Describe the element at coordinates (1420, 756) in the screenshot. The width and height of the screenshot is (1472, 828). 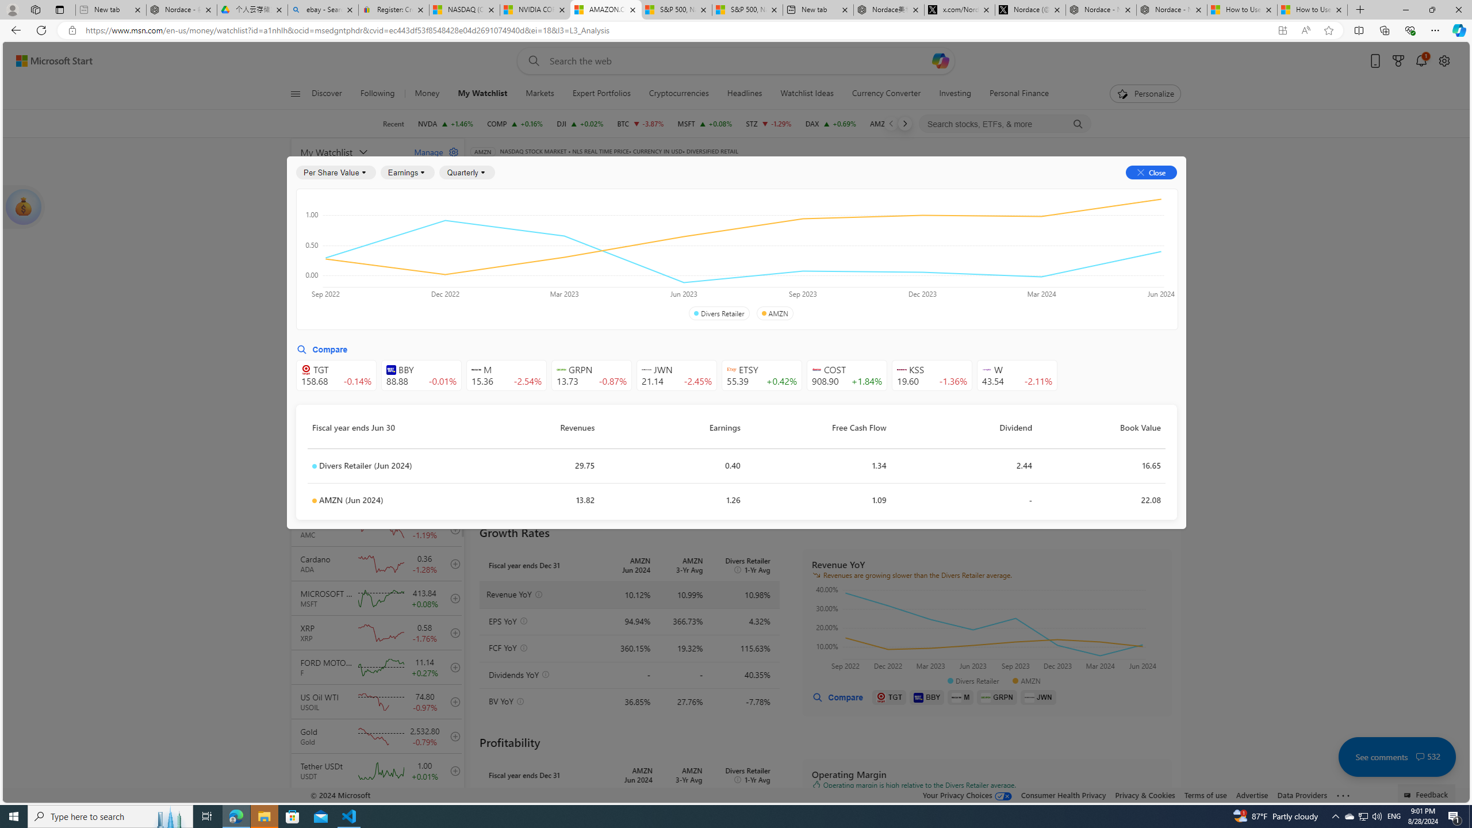
I see `'Class: cwt-icon-vector'` at that location.